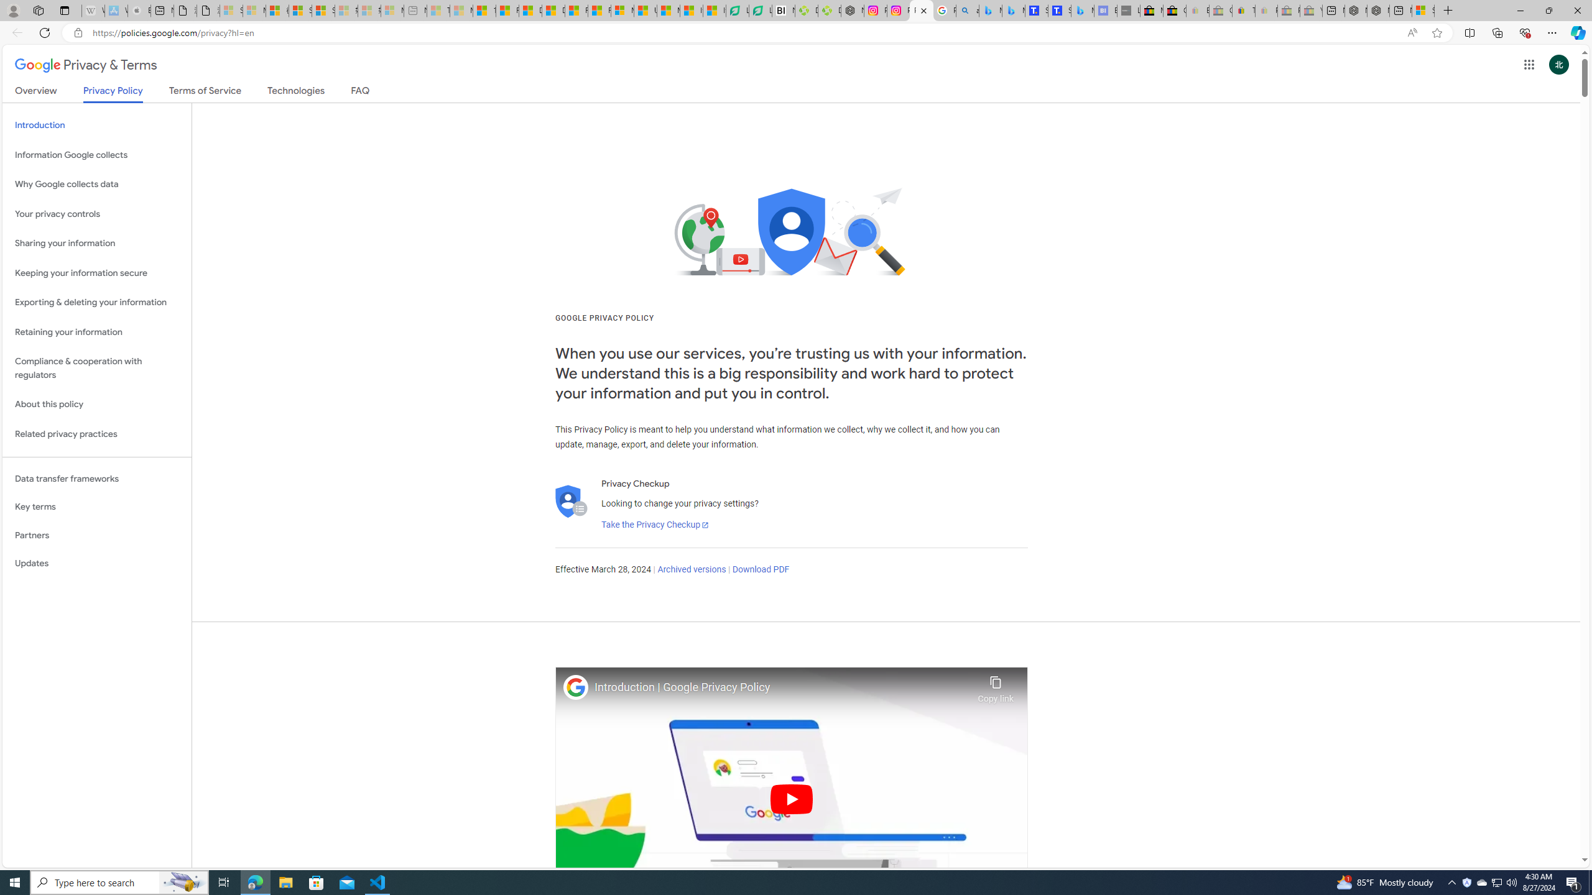 The height and width of the screenshot is (895, 1592). Describe the element at coordinates (253, 10) in the screenshot. I see `'Microsoft Services Agreement - Sleeping'` at that location.